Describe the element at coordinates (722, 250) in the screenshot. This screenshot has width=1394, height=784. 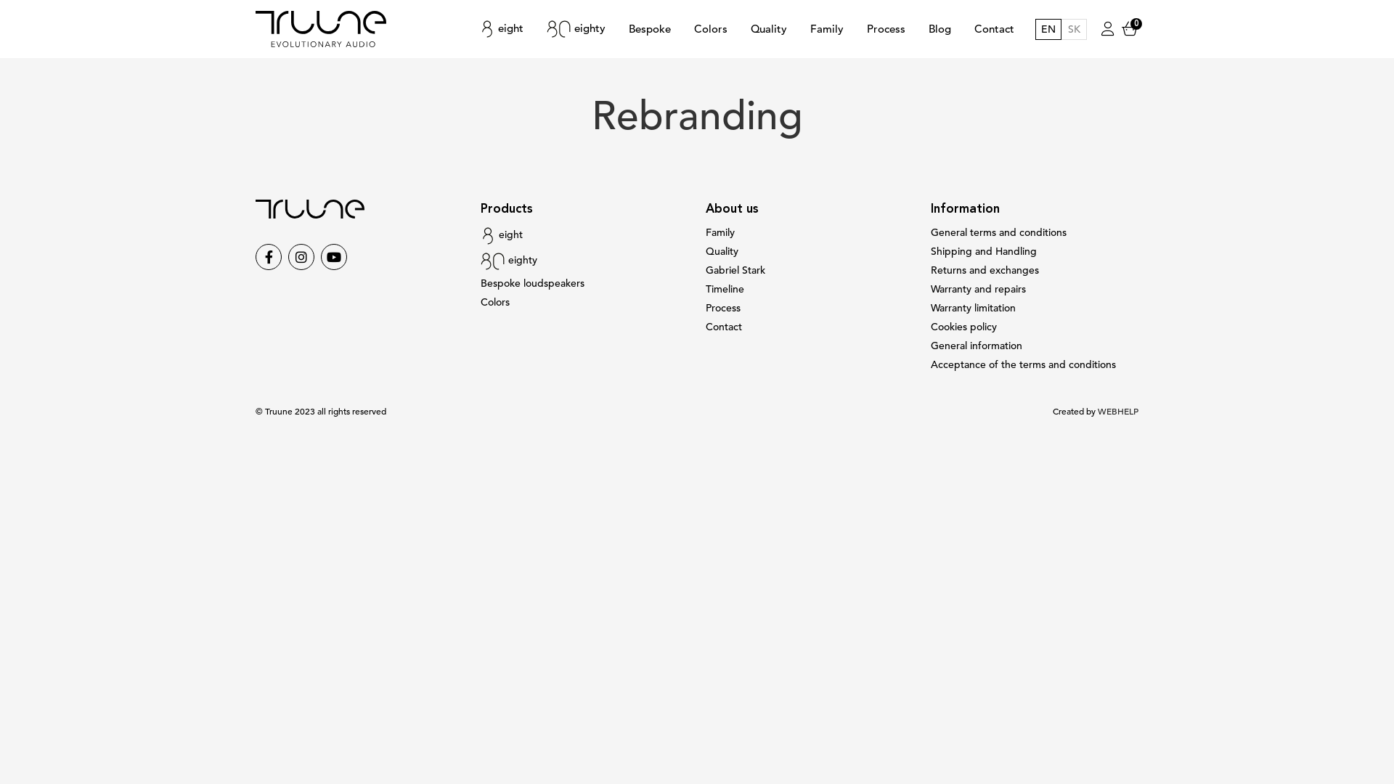
I see `'Quality'` at that location.